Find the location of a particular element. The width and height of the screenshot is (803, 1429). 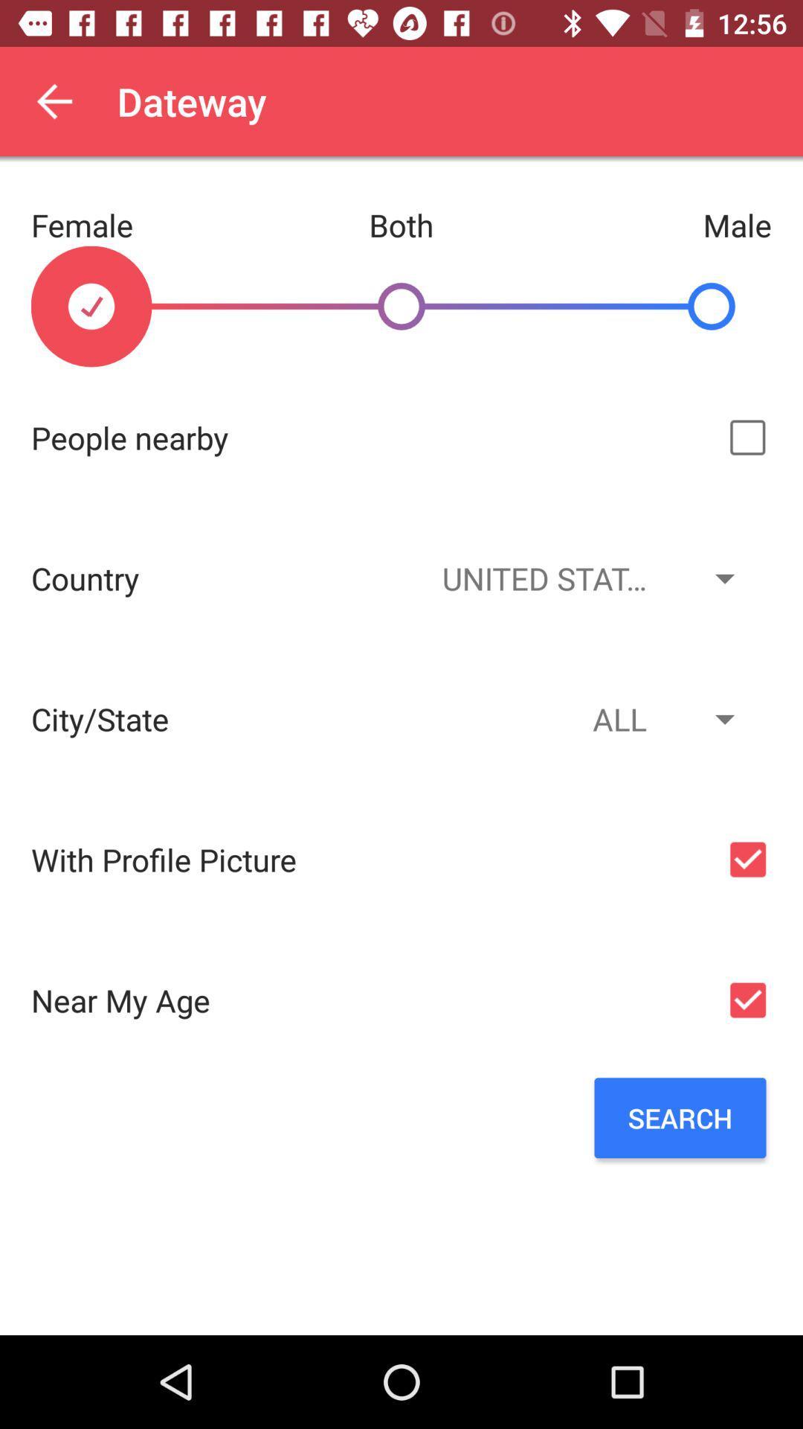

the text all is located at coordinates (586, 718).